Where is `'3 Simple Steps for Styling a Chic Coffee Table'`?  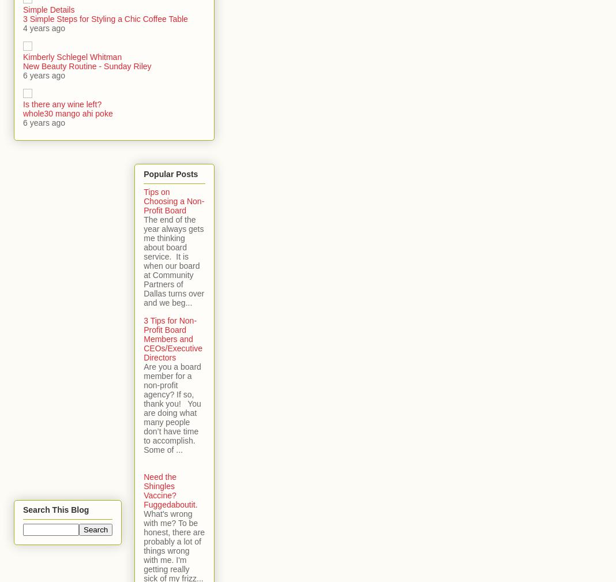
'3 Simple Steps for Styling a Chic Coffee Table' is located at coordinates (105, 18).